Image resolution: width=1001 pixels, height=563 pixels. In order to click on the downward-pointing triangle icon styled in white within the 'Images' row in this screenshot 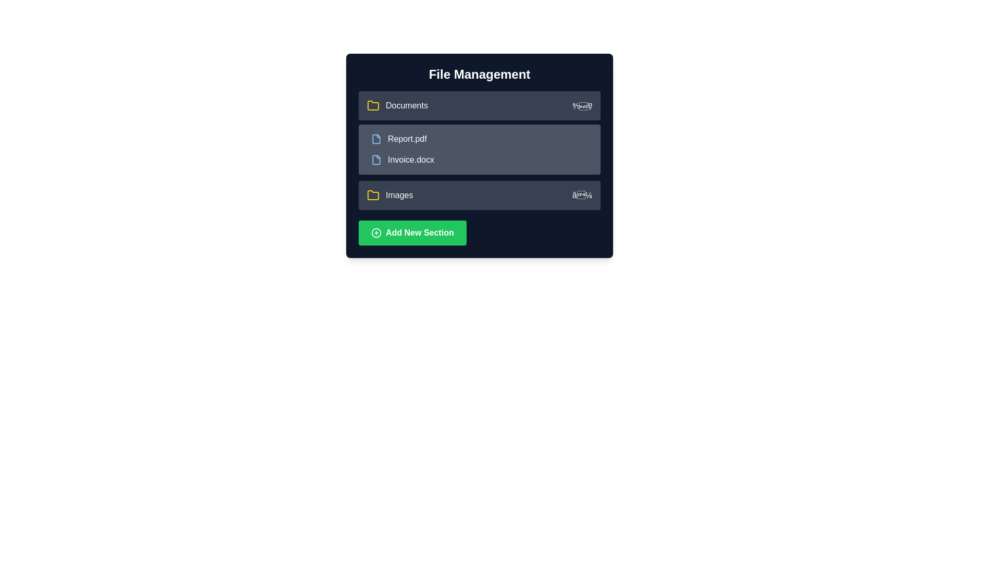, I will do `click(581, 195)`.